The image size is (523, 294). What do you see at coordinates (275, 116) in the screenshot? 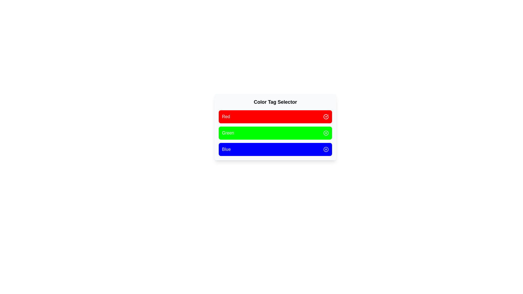
I see `the color tag Red` at bounding box center [275, 116].